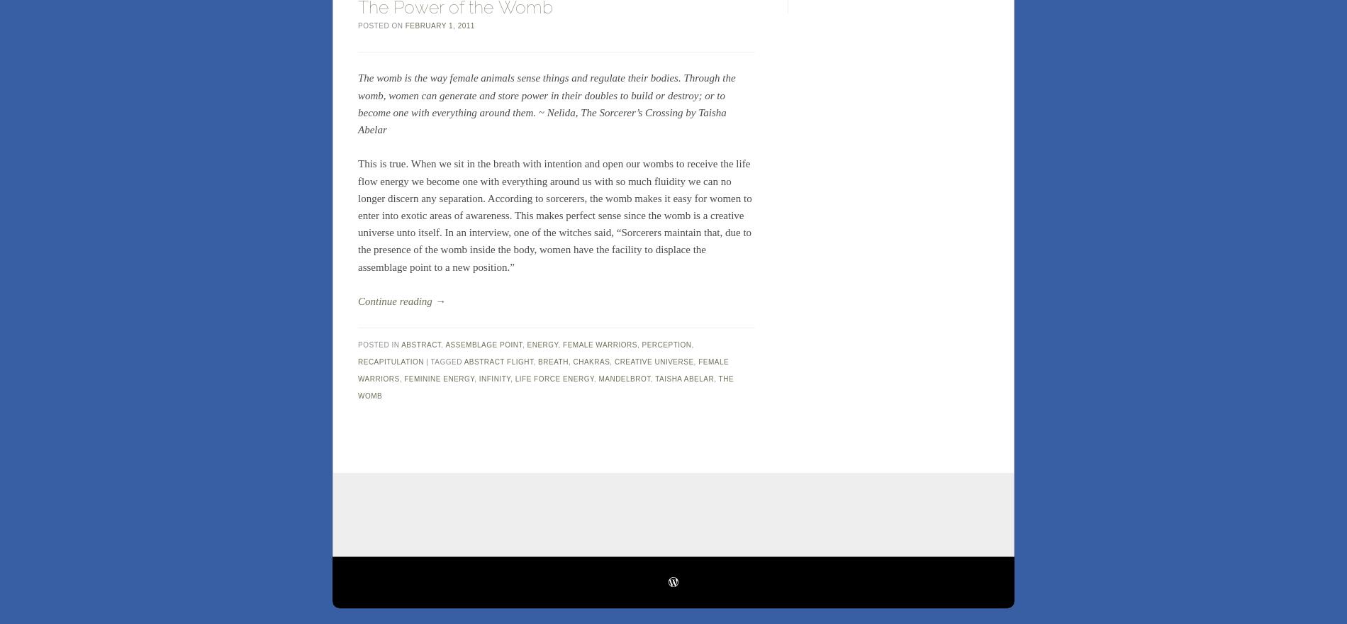 The image size is (1347, 624). Describe the element at coordinates (439, 377) in the screenshot. I see `'feminine energy'` at that location.